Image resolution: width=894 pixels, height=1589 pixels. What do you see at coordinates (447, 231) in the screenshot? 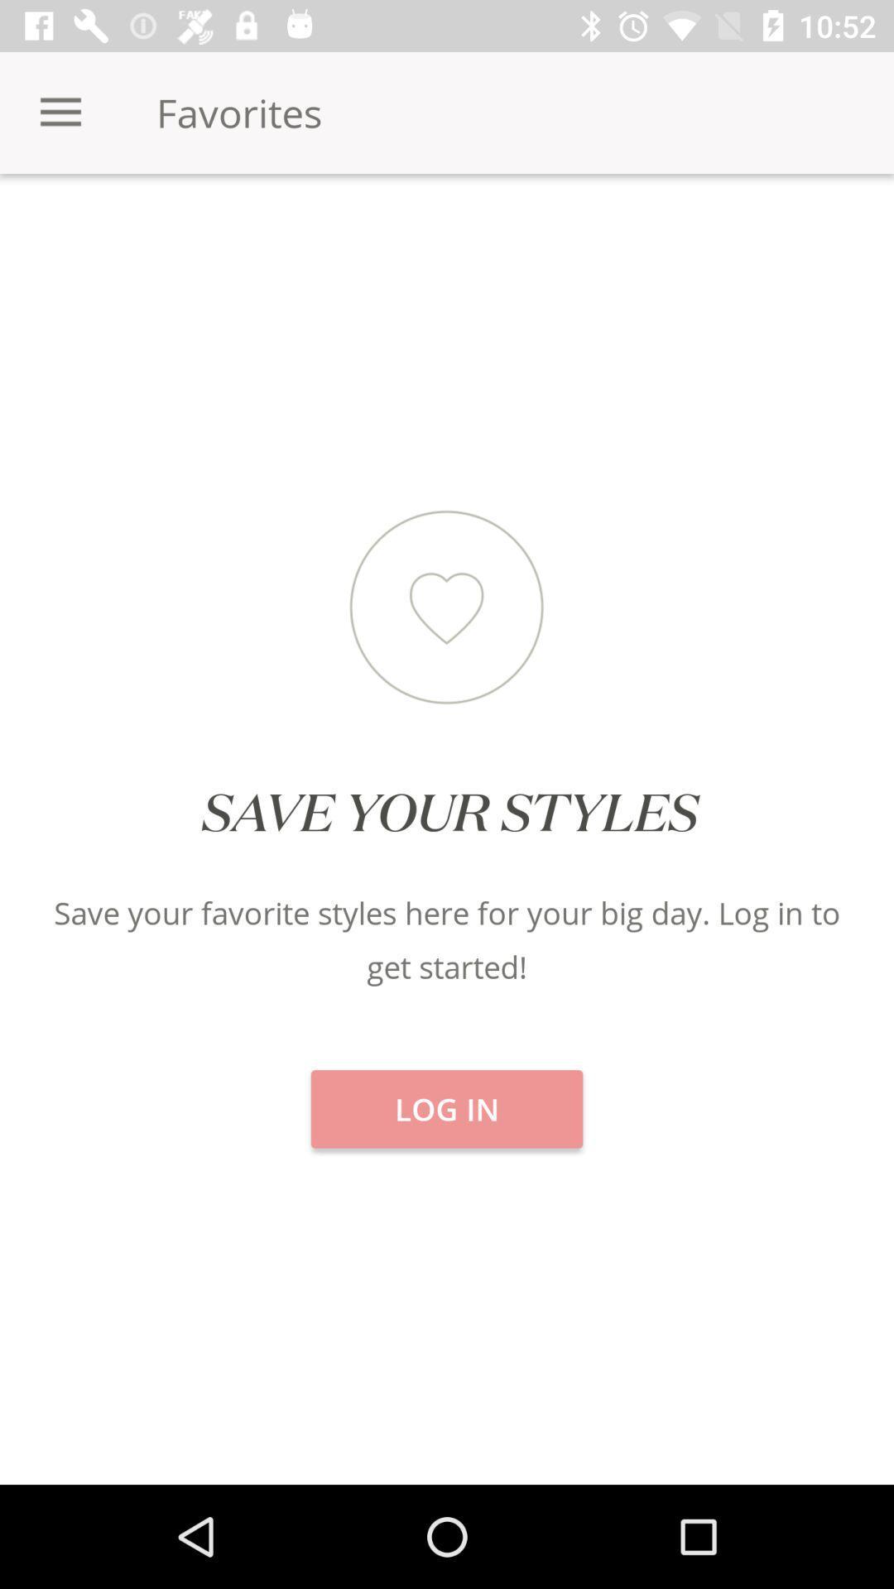
I see `the item below favorites icon` at bounding box center [447, 231].